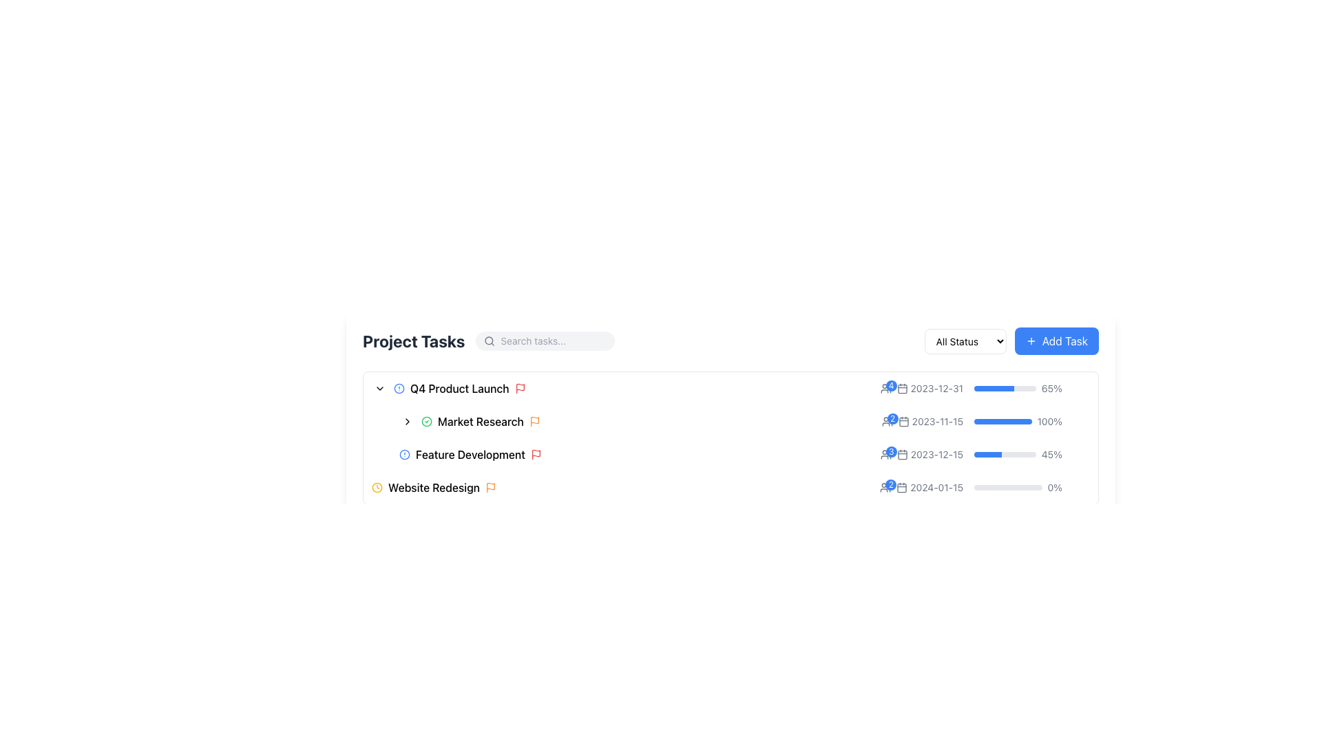 The height and width of the screenshot is (743, 1322). Describe the element at coordinates (985, 421) in the screenshot. I see `the progress bar component that visually represents the completion status of the 'Market Research' task, which is located in the 'Project Tasks' section and displays '100%'` at that location.